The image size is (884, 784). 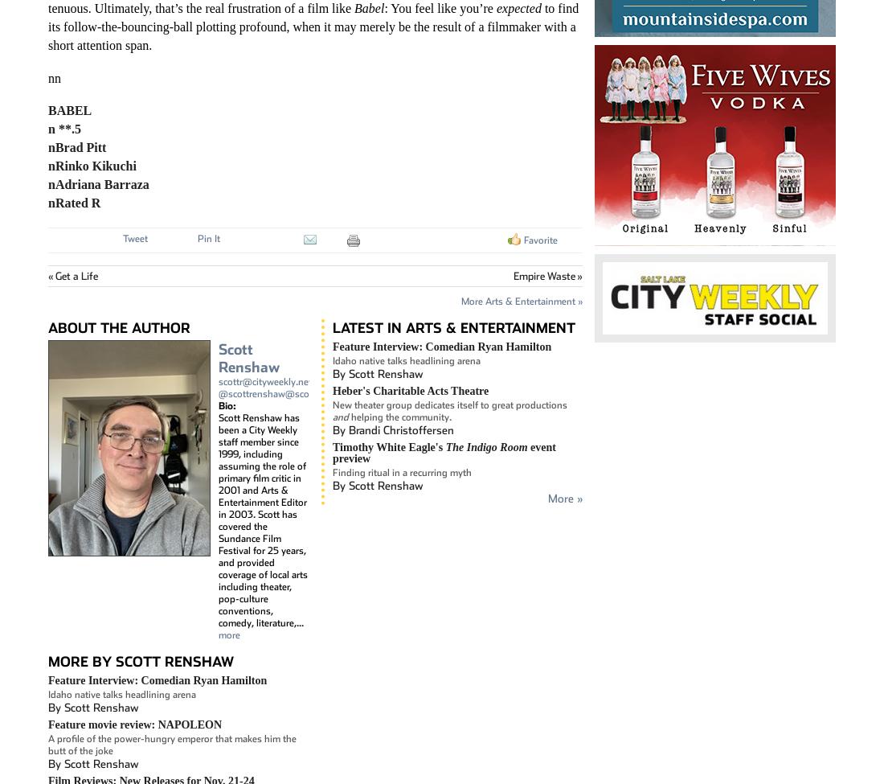 I want to click on ': You feel like you’re', so click(x=383, y=8).